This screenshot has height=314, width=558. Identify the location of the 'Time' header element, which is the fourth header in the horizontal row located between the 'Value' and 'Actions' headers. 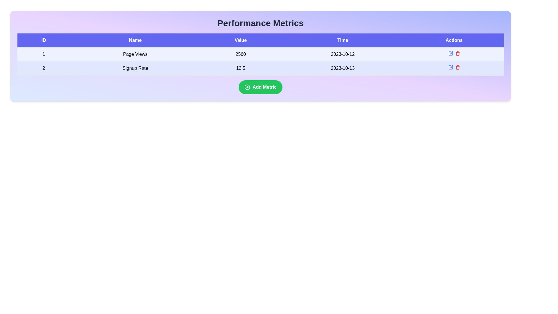
(343, 40).